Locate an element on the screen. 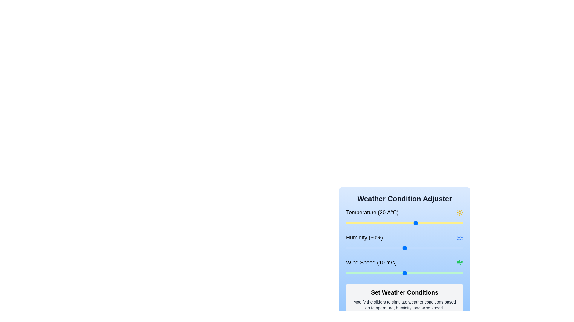 The width and height of the screenshot is (574, 322). the temperature slider to set the temperature to 18 degrees Celsius is located at coordinates (411, 223).